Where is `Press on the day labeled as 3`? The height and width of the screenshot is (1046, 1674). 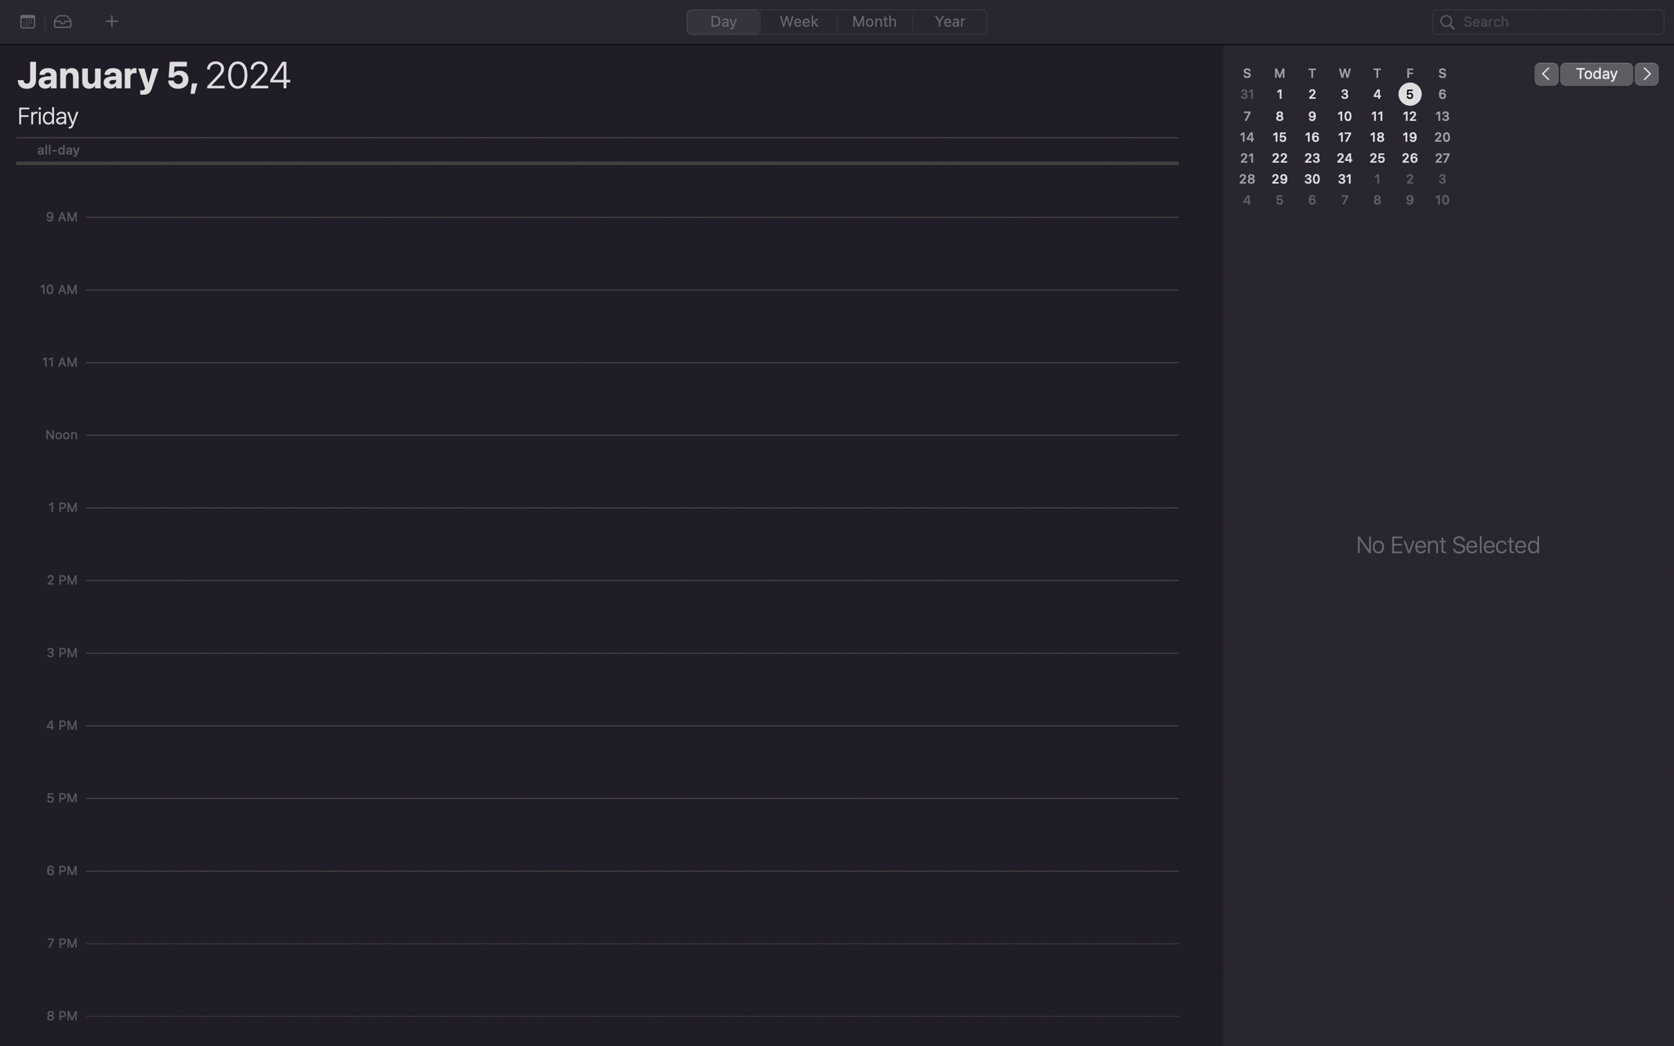
Press on the day labeled as 3 is located at coordinates (1344, 93).